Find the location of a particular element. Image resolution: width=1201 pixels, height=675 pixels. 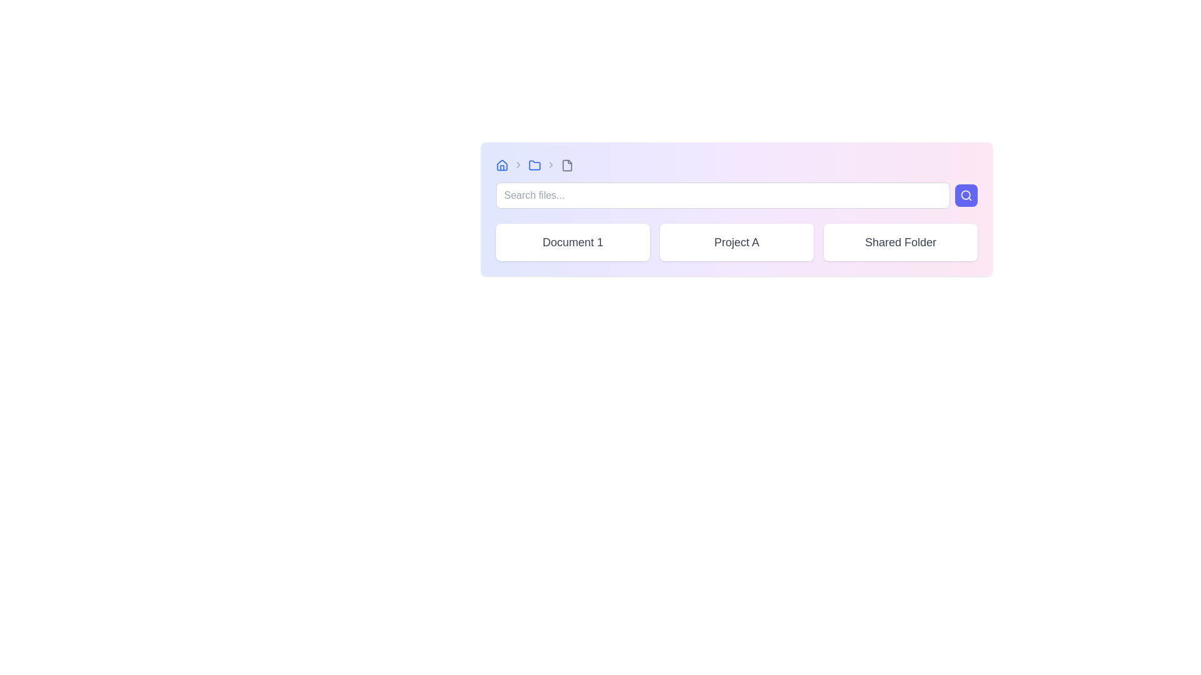

the text label displaying 'Project A', which is styled in gray with a medium sans-serif font and located centrally within a white card is located at coordinates (736, 242).